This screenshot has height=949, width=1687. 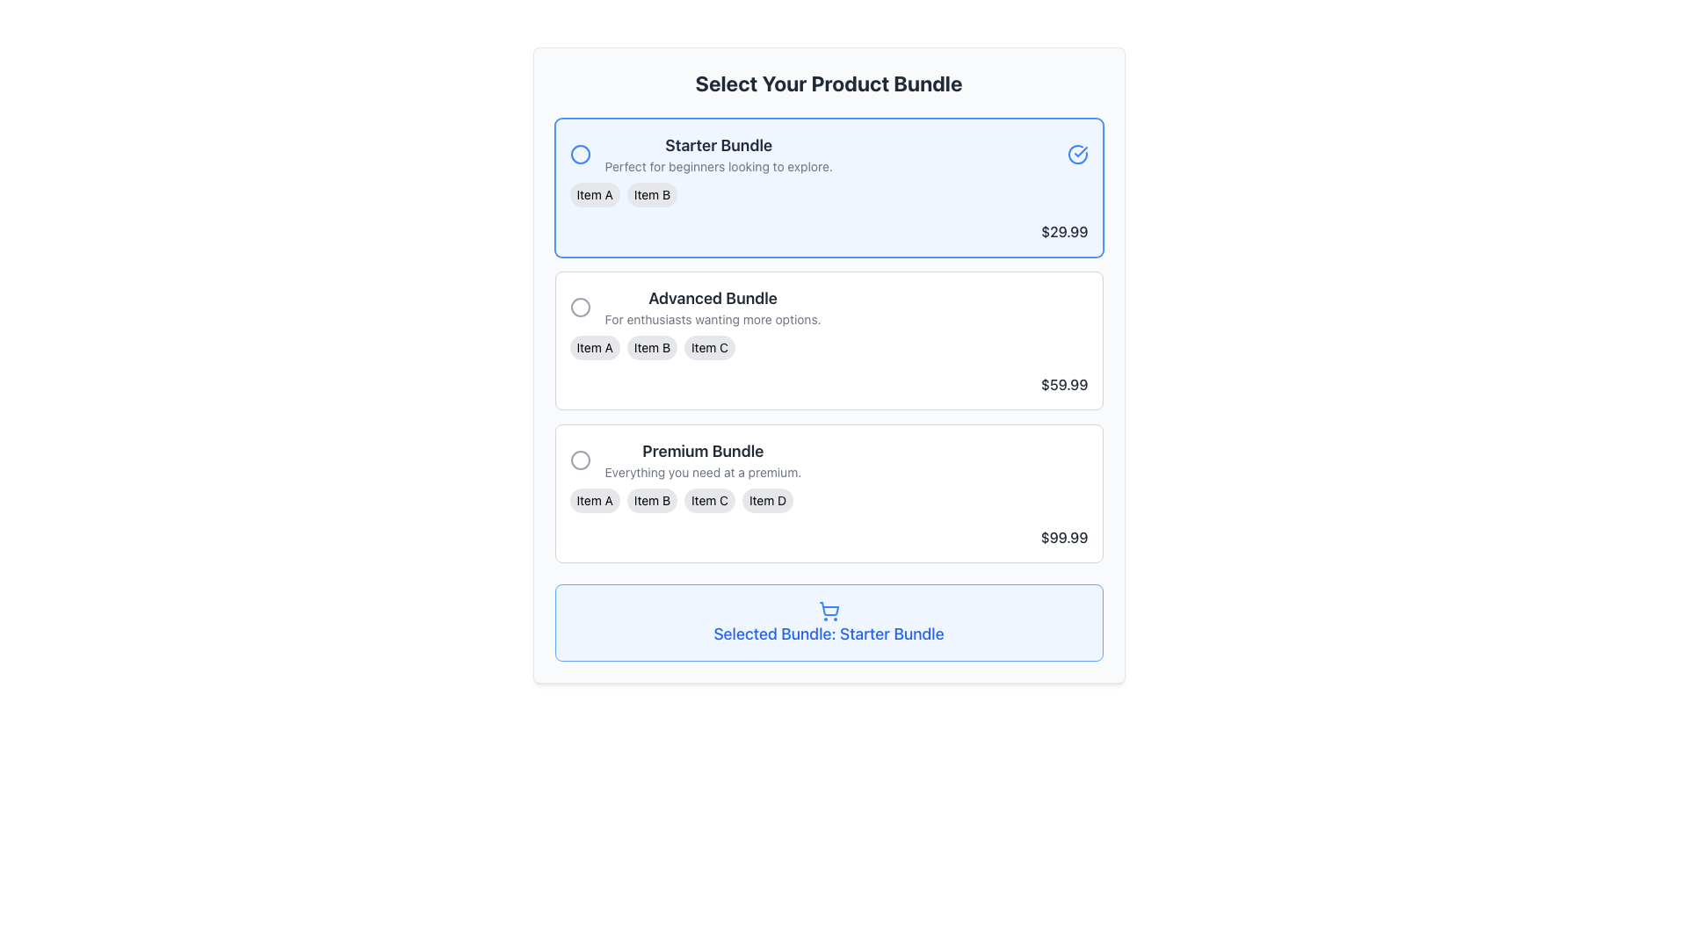 What do you see at coordinates (651, 501) in the screenshot?
I see `the label displaying 'Item B' in the 'Premium Bundle' section, which is the second label in a sequence of four labels` at bounding box center [651, 501].